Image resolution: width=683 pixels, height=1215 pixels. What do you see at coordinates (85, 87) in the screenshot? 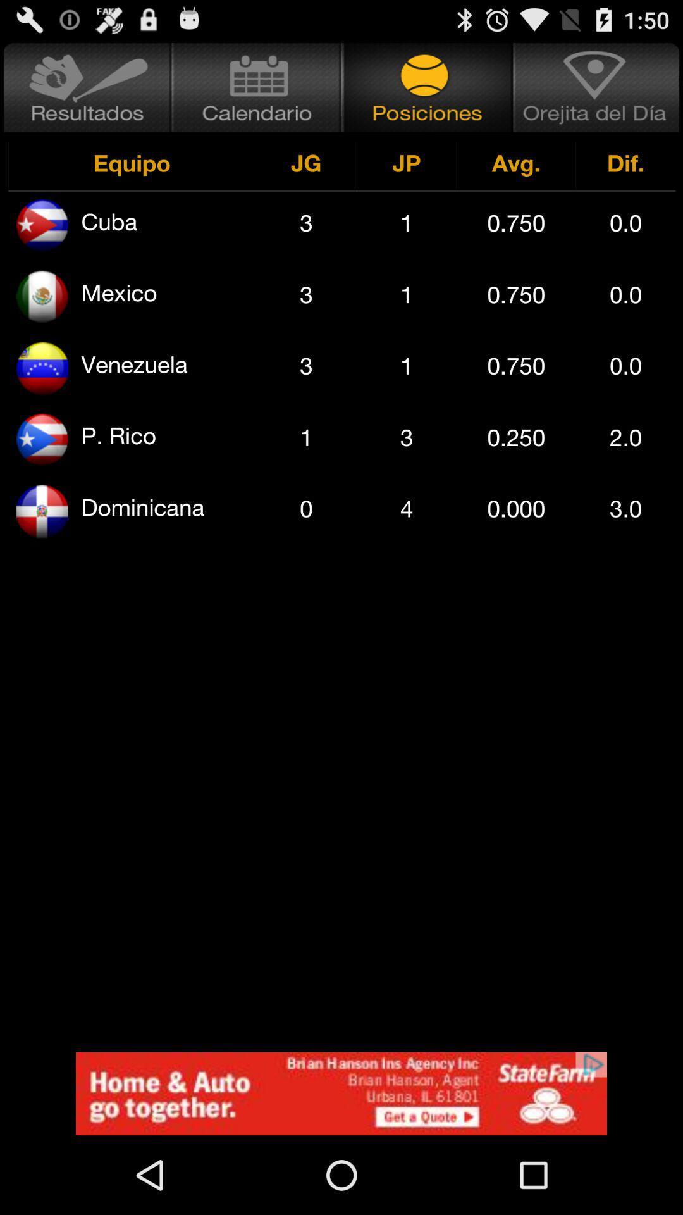
I see `resultados tab` at bounding box center [85, 87].